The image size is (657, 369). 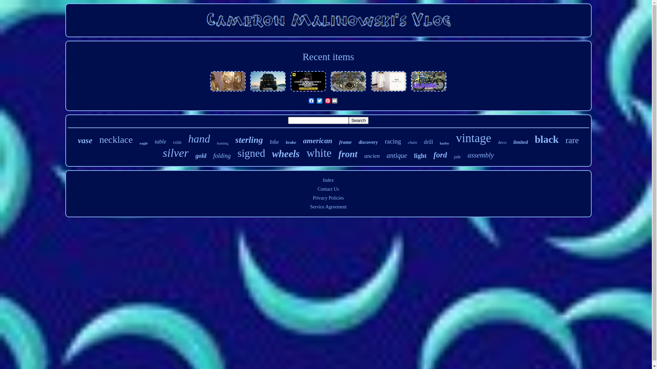 What do you see at coordinates (319, 153) in the screenshot?
I see `'white'` at bounding box center [319, 153].